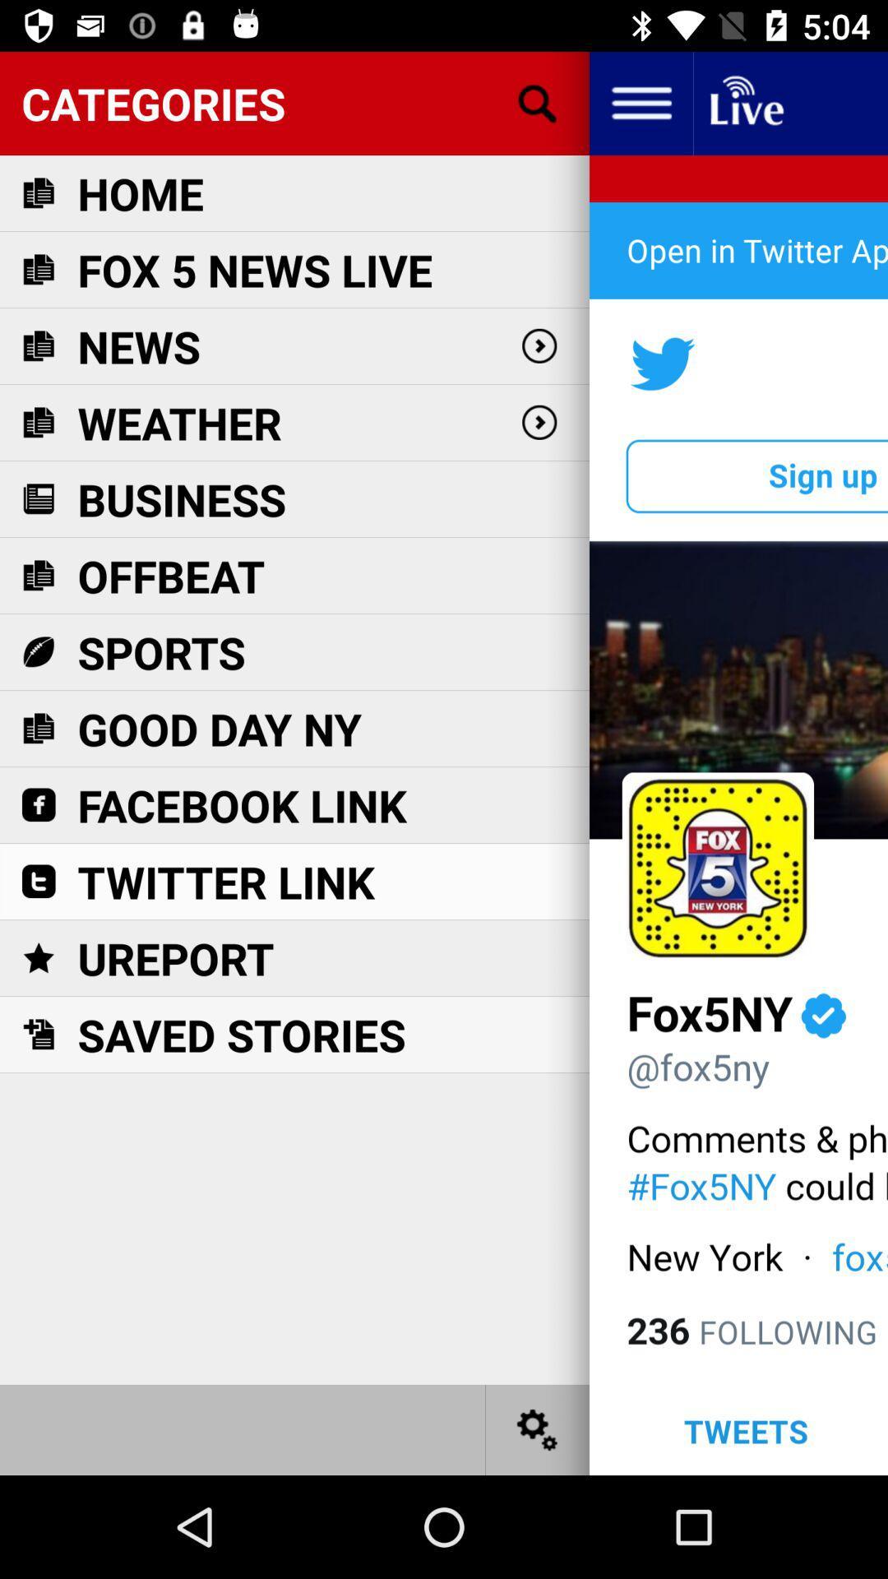 Image resolution: width=888 pixels, height=1579 pixels. What do you see at coordinates (140, 193) in the screenshot?
I see `icon below the categories item` at bounding box center [140, 193].